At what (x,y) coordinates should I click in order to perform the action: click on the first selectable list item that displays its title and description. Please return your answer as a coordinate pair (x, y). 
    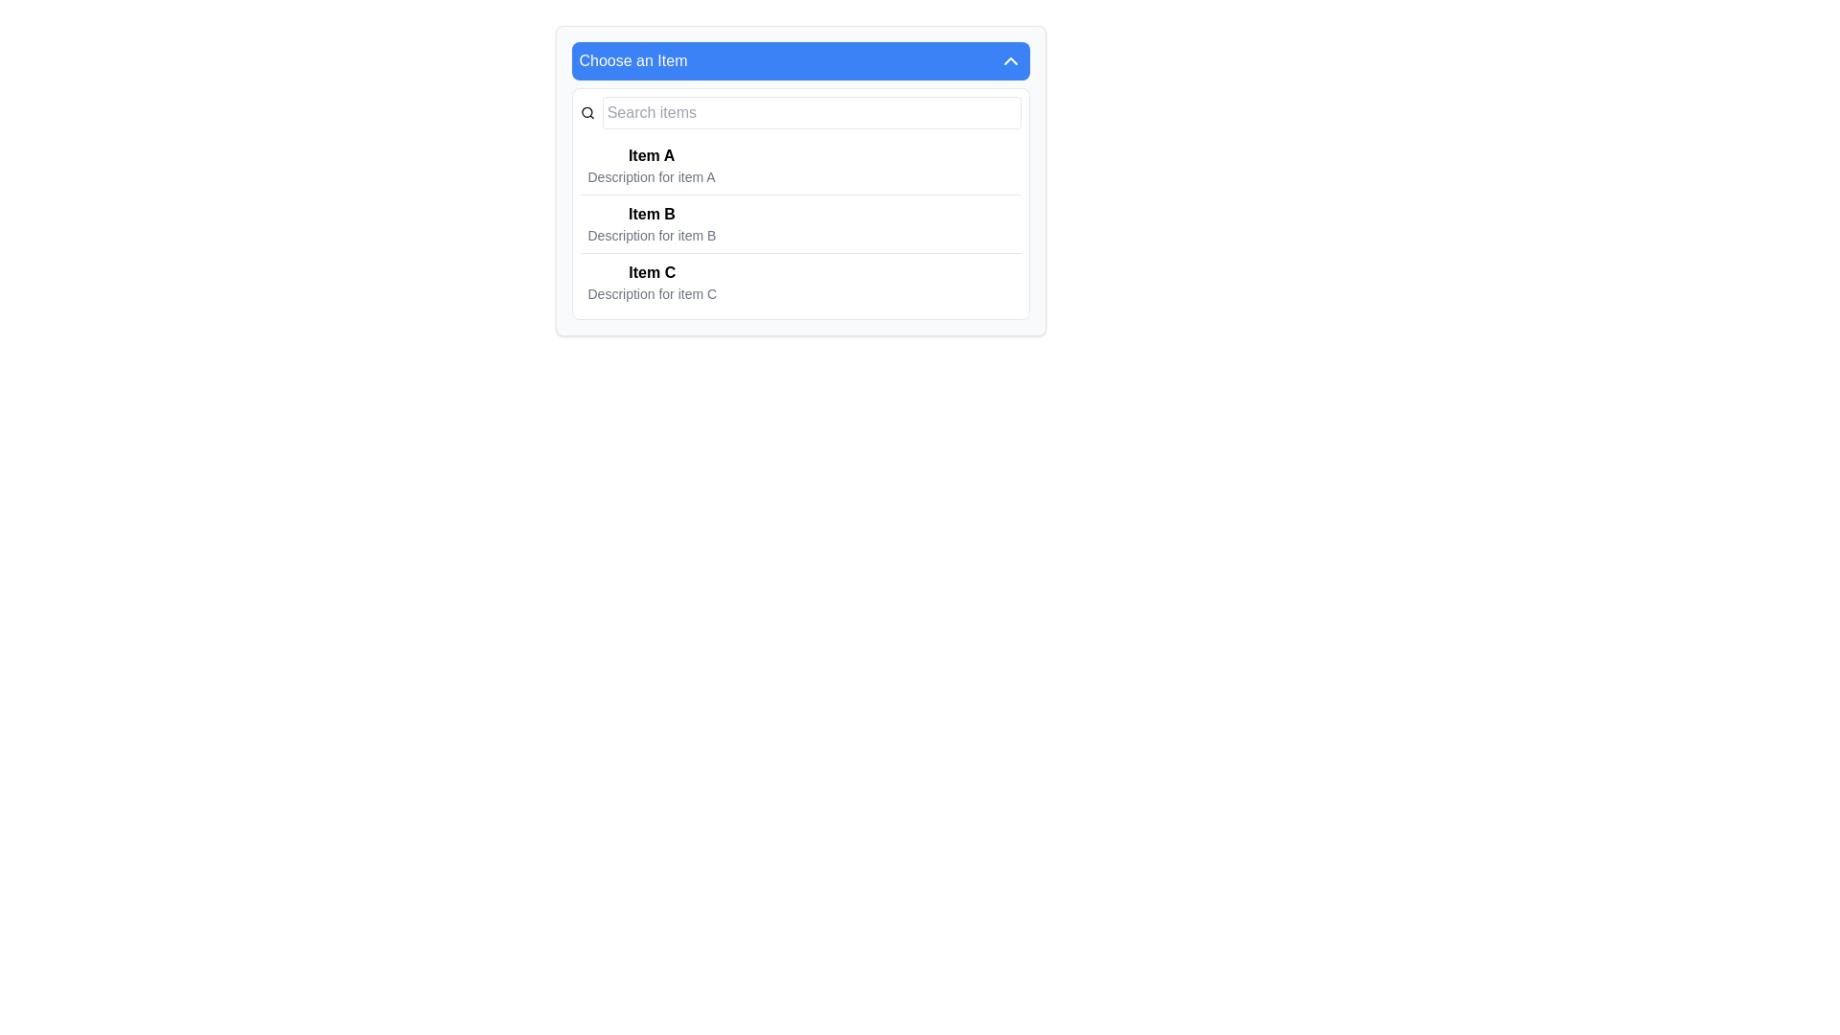
    Looking at the image, I should click on (652, 165).